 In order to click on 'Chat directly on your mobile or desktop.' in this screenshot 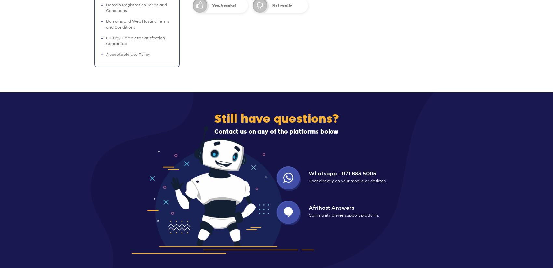, I will do `click(308, 180)`.